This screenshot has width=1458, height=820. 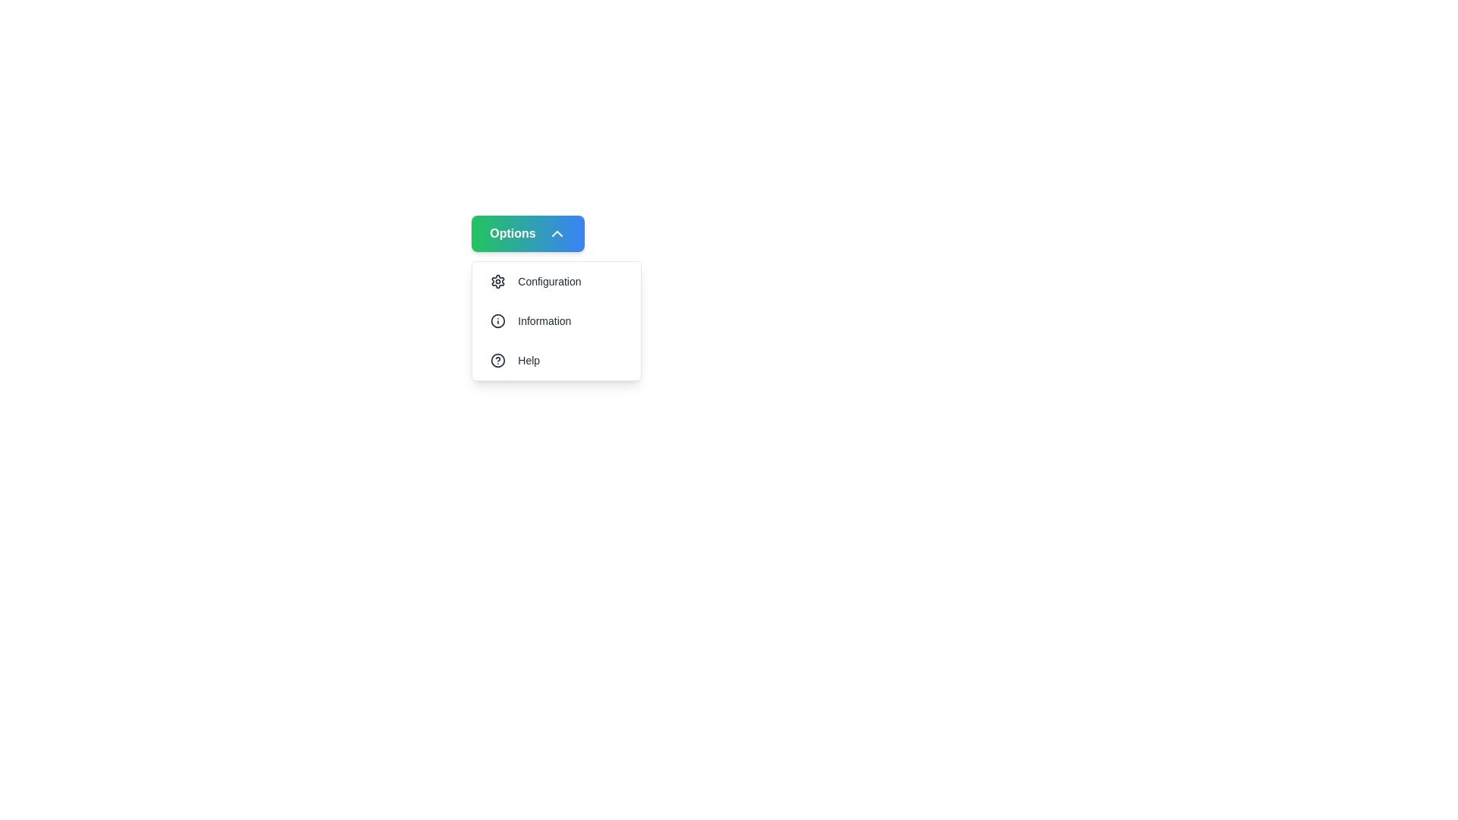 What do you see at coordinates (556, 360) in the screenshot?
I see `the 'Help' button located at the bottom of the dropdown menu to observe the hover effect` at bounding box center [556, 360].